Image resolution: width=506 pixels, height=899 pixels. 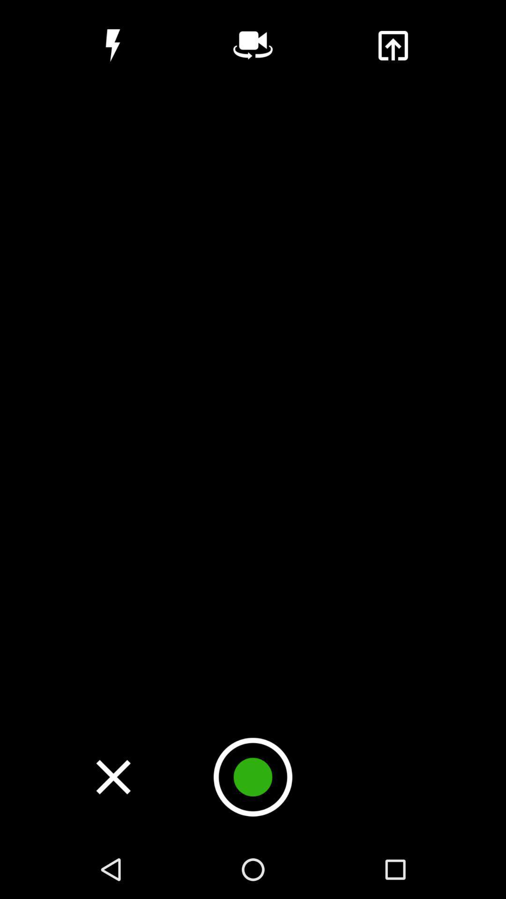 What do you see at coordinates (393, 45) in the screenshot?
I see `share` at bounding box center [393, 45].